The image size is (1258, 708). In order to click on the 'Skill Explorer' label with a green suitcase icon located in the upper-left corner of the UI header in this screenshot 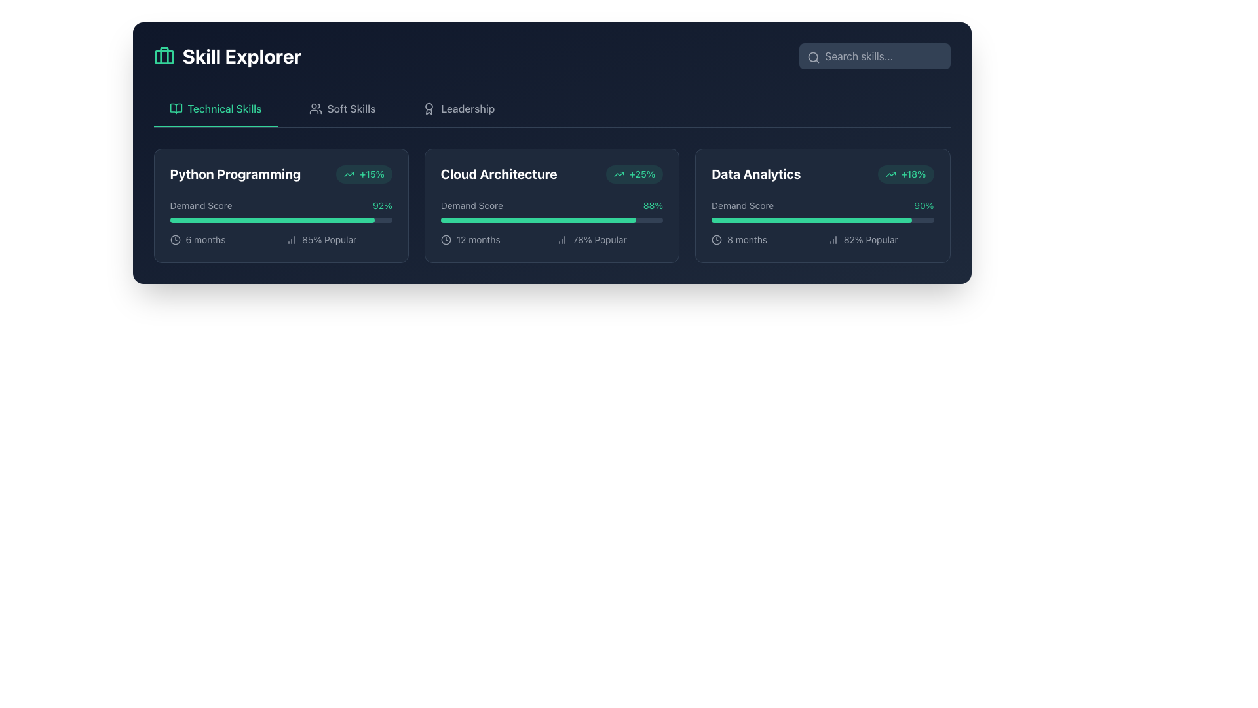, I will do `click(227, 55)`.